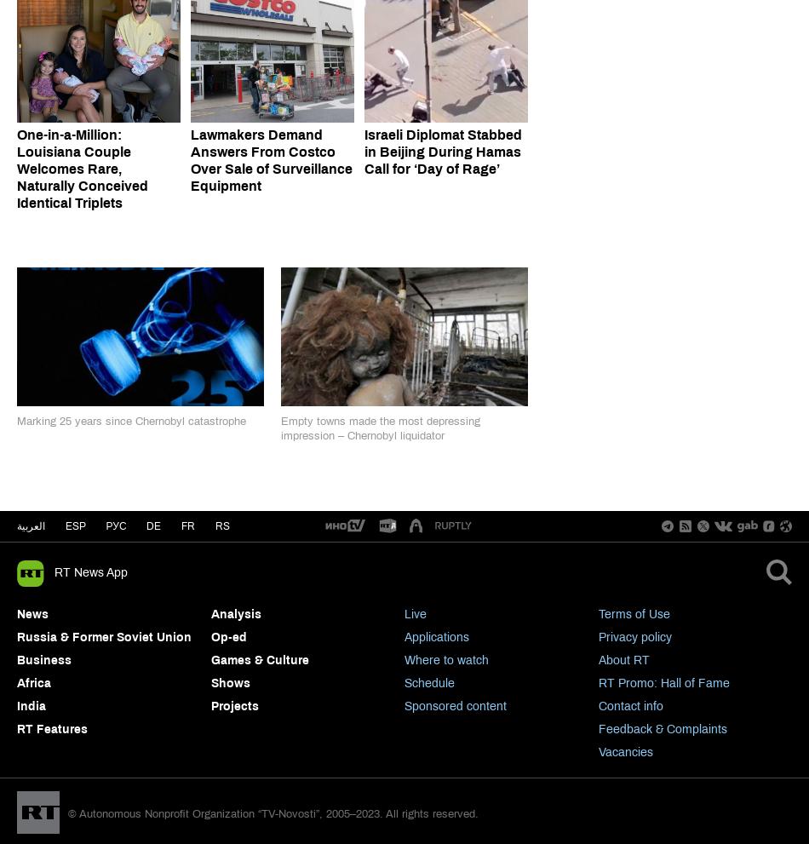 This screenshot has width=809, height=844. I want to click on 'Op-ed', so click(209, 635).